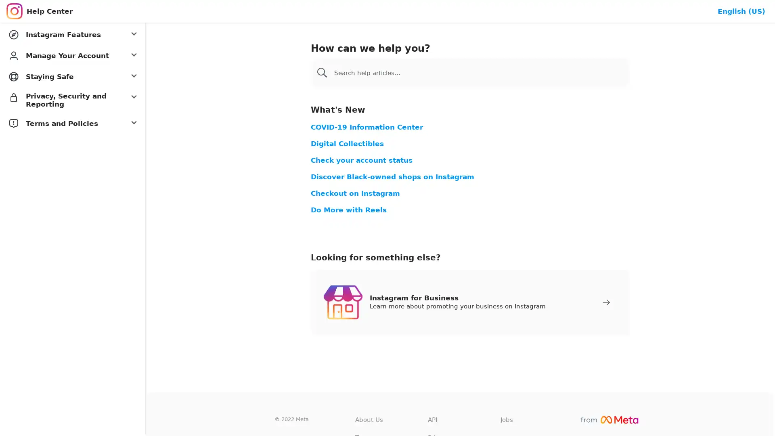  I want to click on Manage Your Account, so click(73, 55).